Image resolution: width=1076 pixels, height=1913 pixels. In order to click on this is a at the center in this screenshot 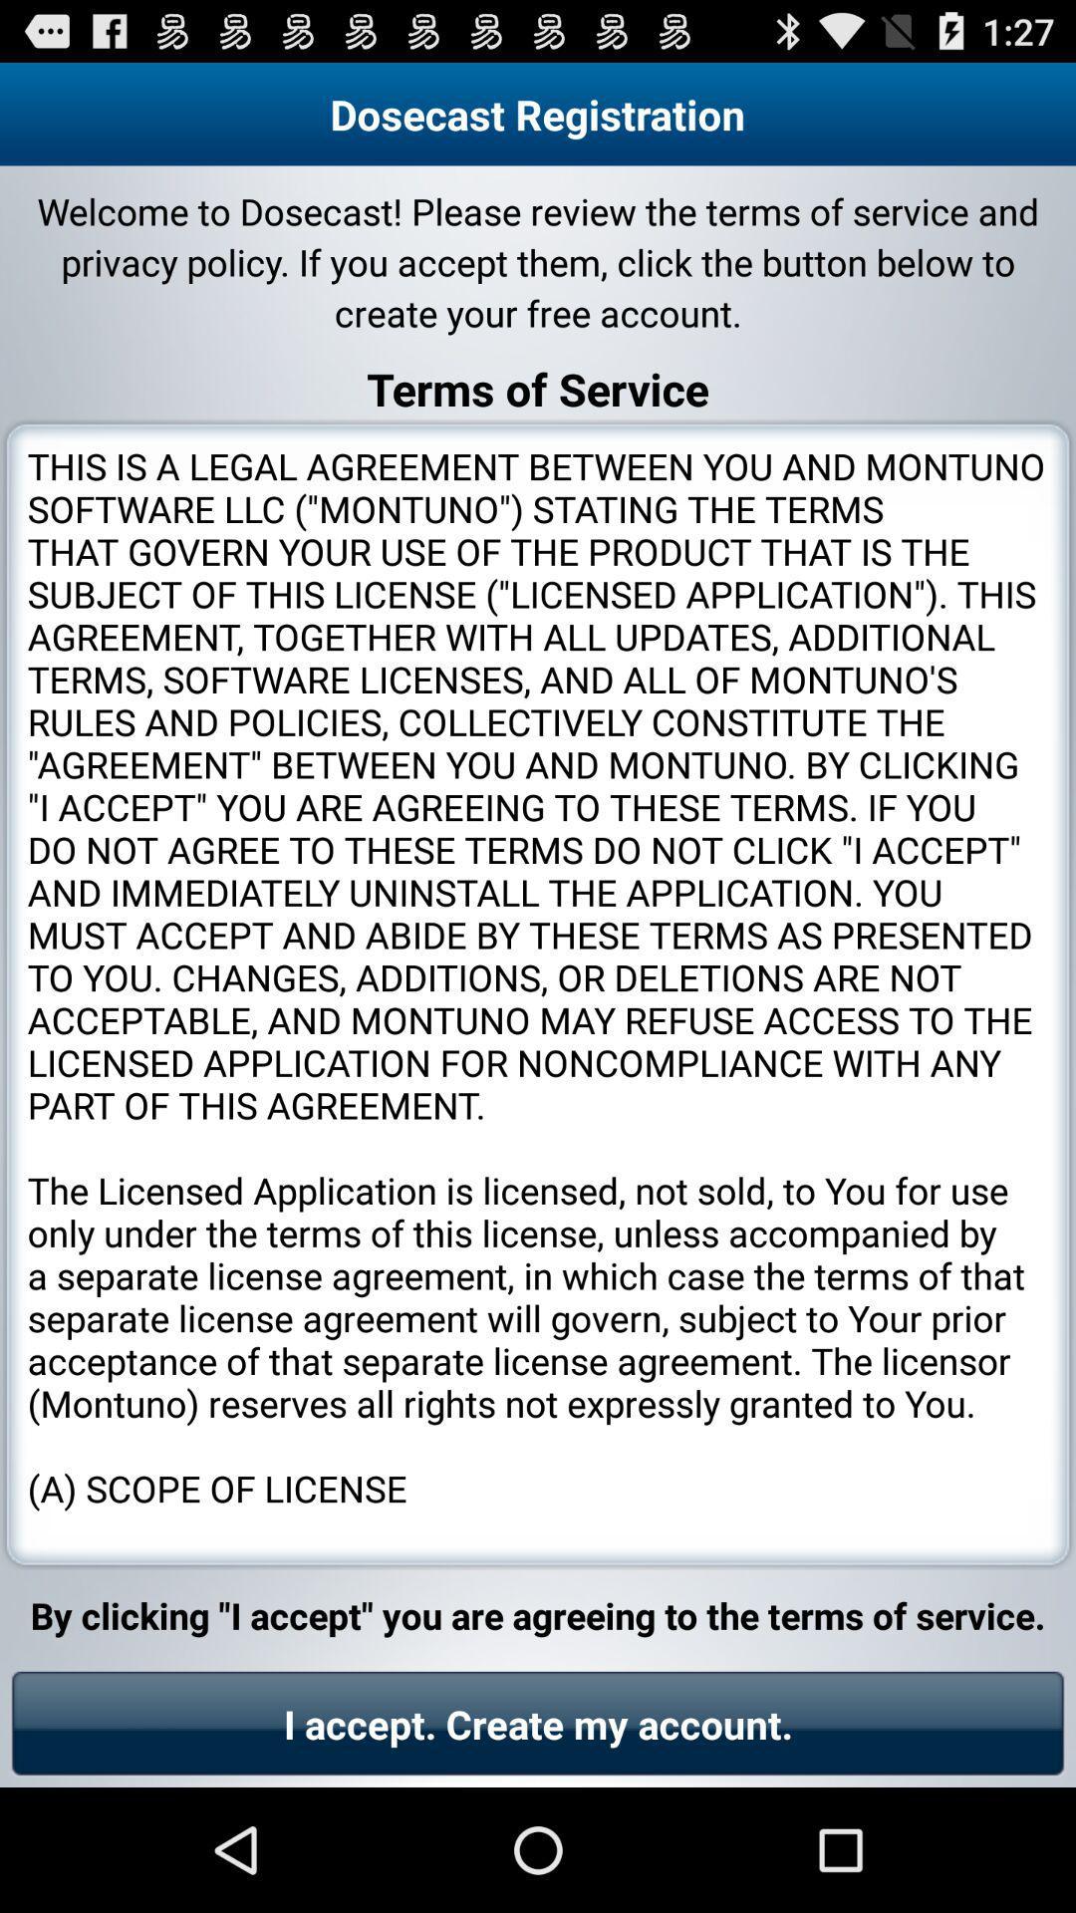, I will do `click(538, 994)`.